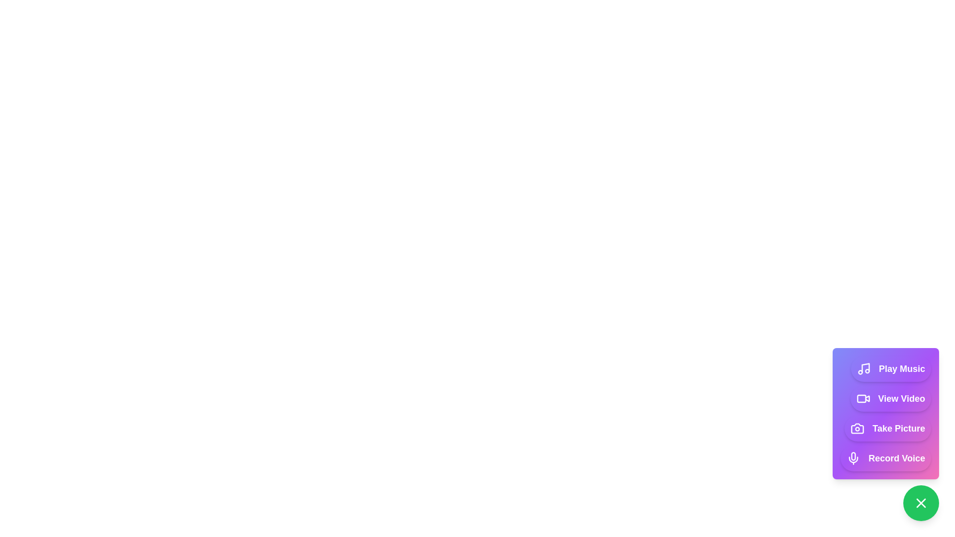  Describe the element at coordinates (891, 368) in the screenshot. I see `the button with label 'Play Music' to visually inspect its text` at that location.